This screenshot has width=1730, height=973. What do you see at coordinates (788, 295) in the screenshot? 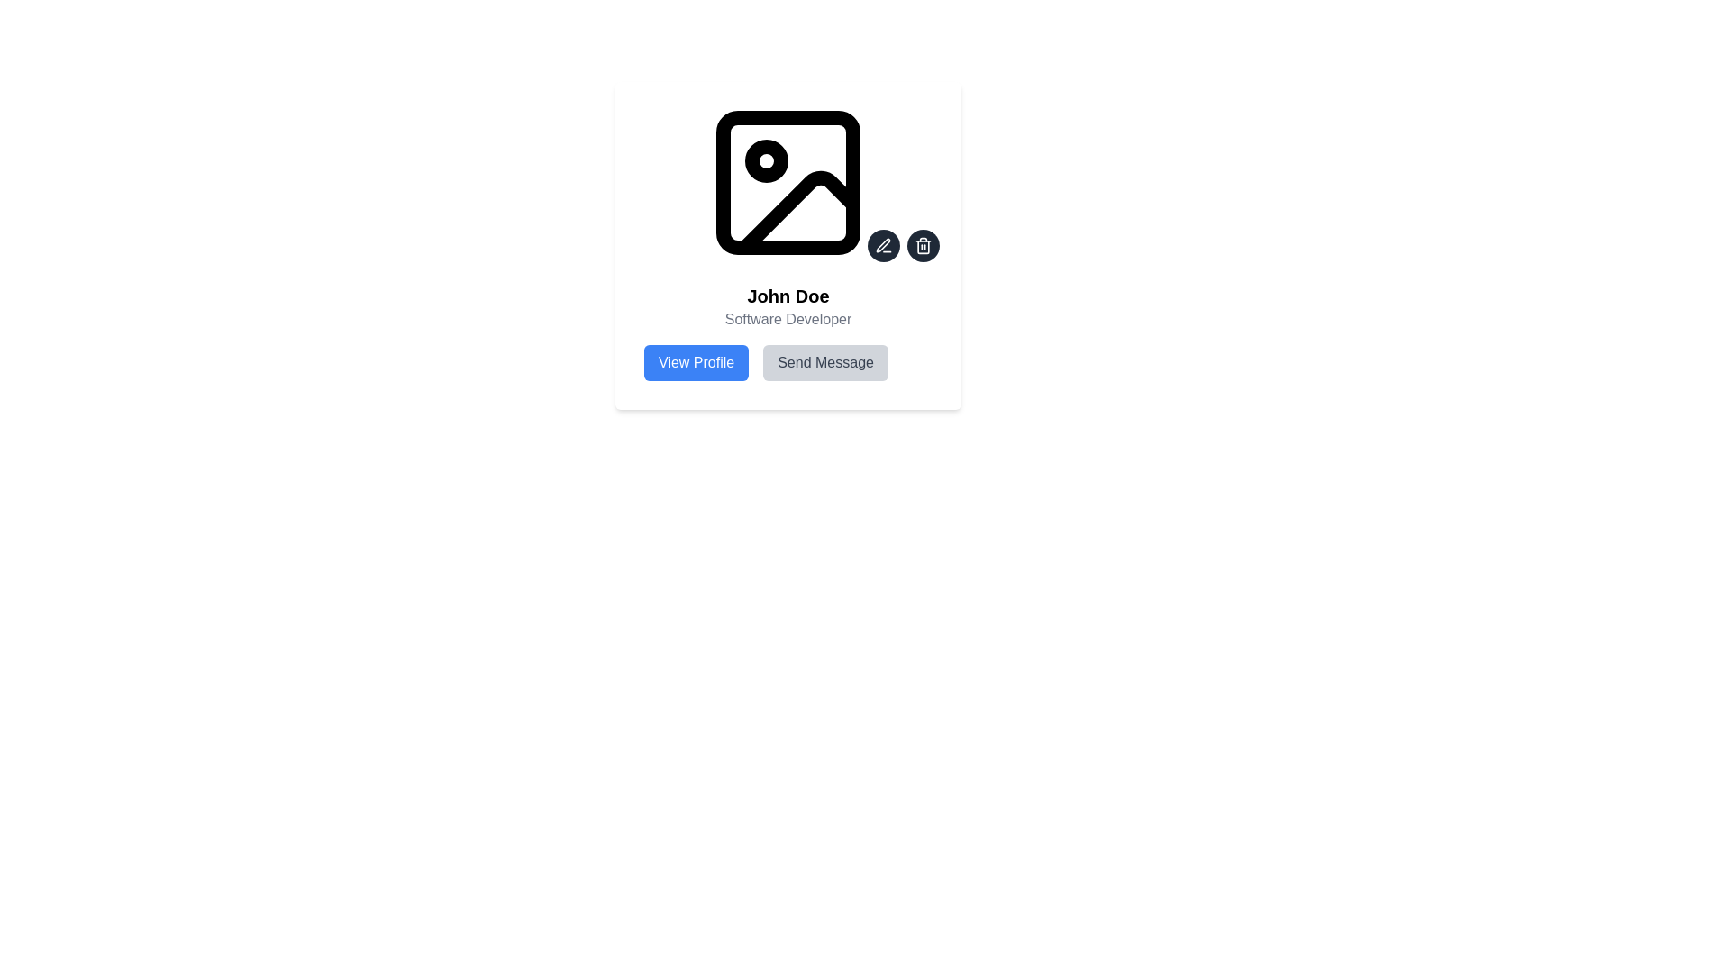
I see `the Text Label that displays the name of the profile owner, located centrally above the 'Software Developer' text` at bounding box center [788, 295].